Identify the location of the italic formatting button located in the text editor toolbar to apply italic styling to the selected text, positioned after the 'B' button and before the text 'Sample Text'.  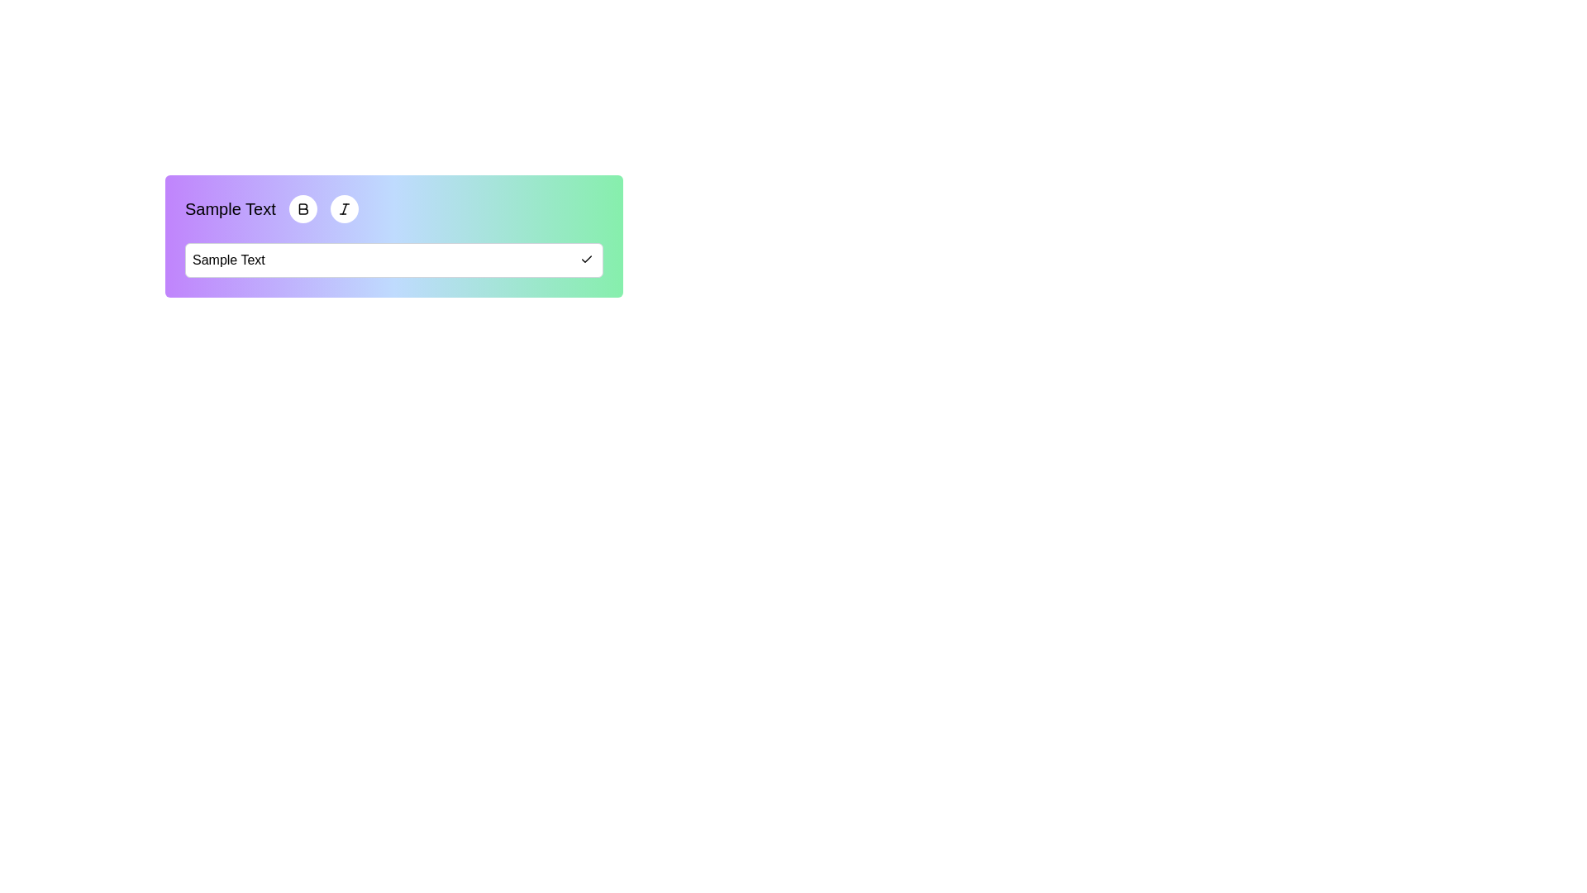
(343, 208).